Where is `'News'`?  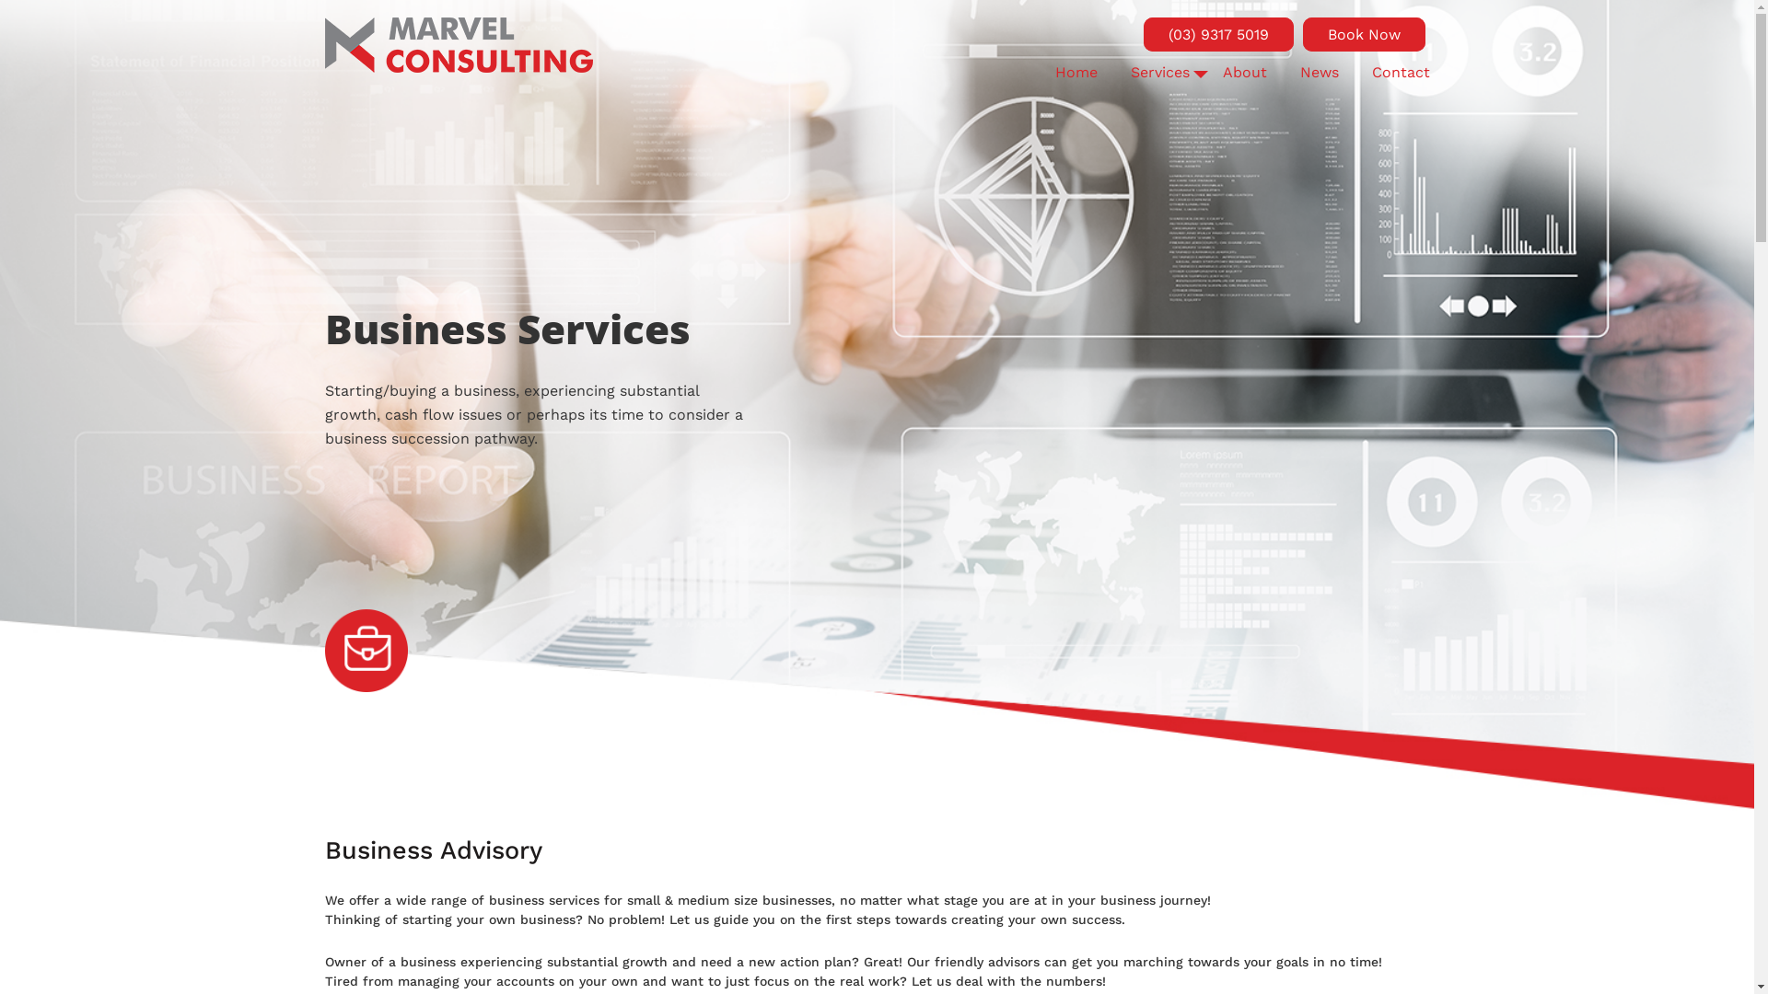 'News' is located at coordinates (1319, 71).